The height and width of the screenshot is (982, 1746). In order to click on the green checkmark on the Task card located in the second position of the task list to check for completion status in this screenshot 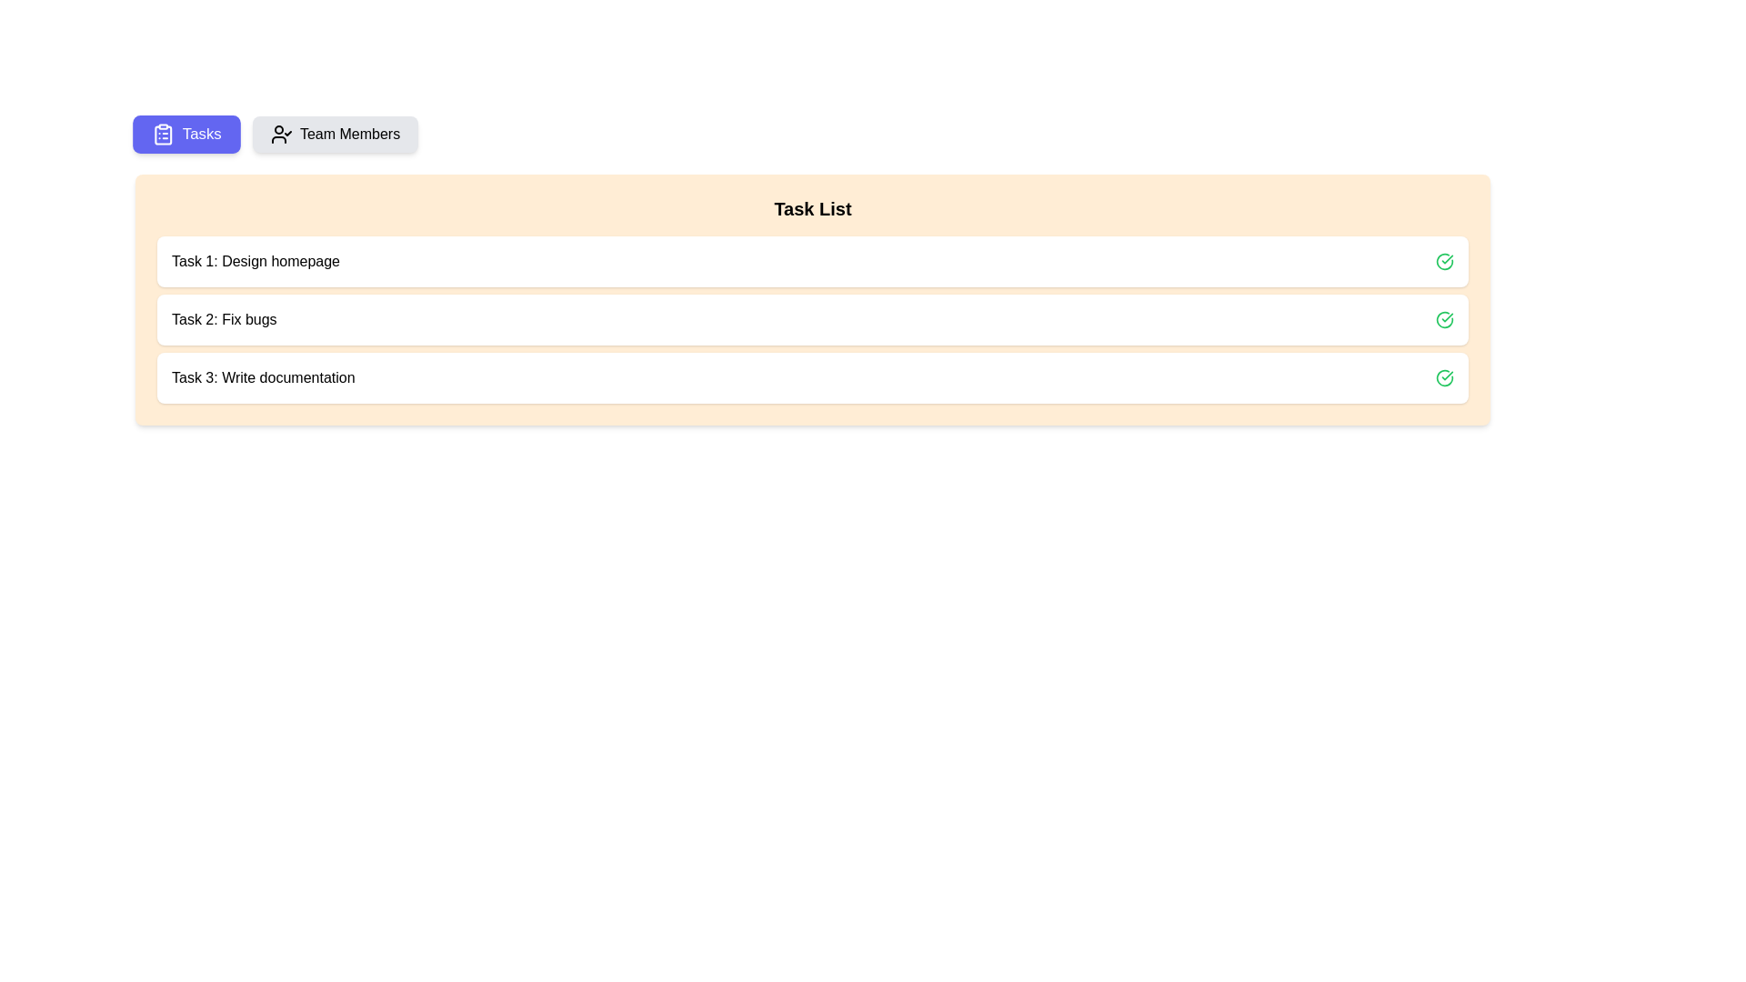, I will do `click(811, 318)`.